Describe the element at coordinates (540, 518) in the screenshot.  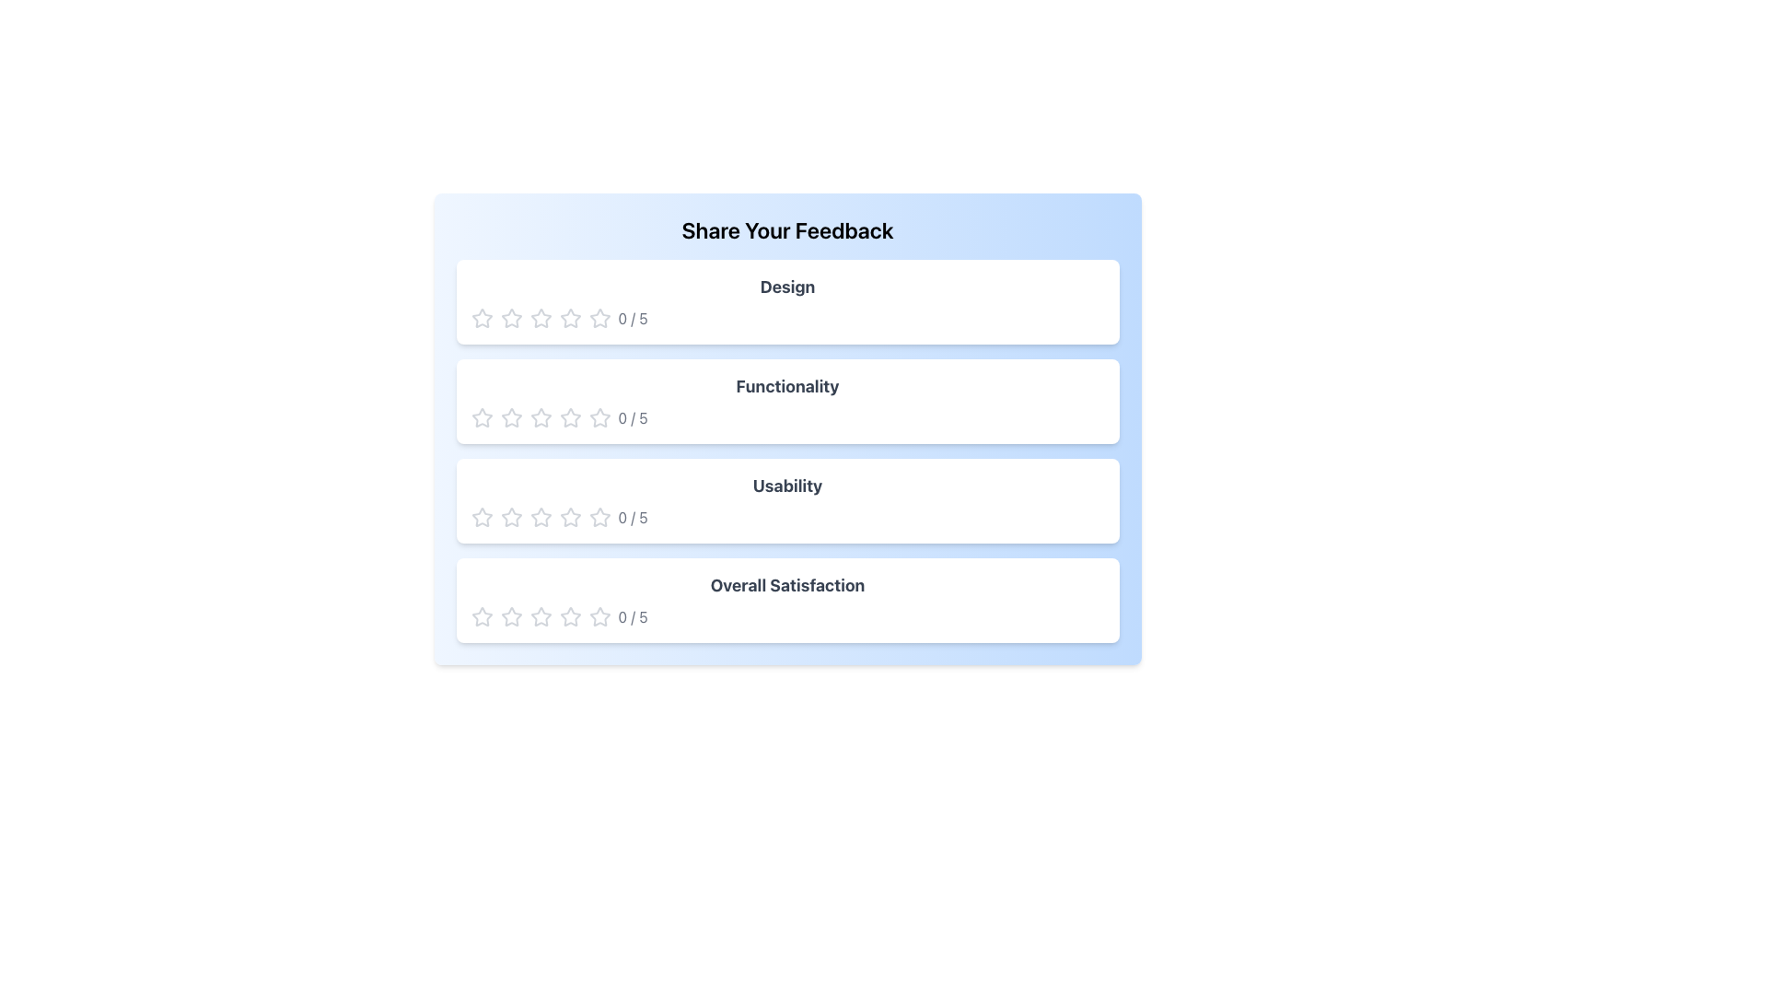
I see `the third star in the 'Usability' feedback section` at that location.